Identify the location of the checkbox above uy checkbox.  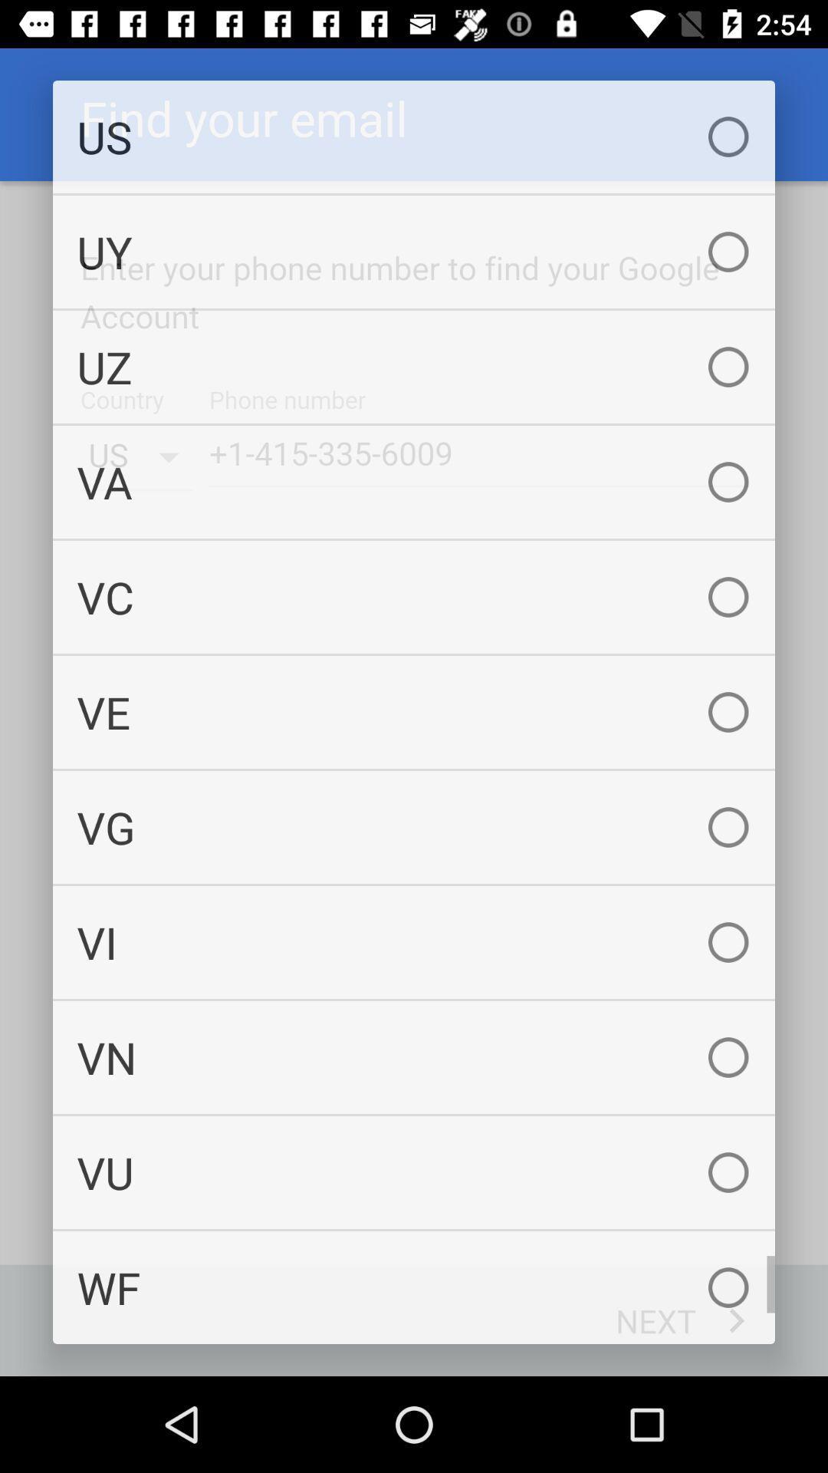
(414, 137).